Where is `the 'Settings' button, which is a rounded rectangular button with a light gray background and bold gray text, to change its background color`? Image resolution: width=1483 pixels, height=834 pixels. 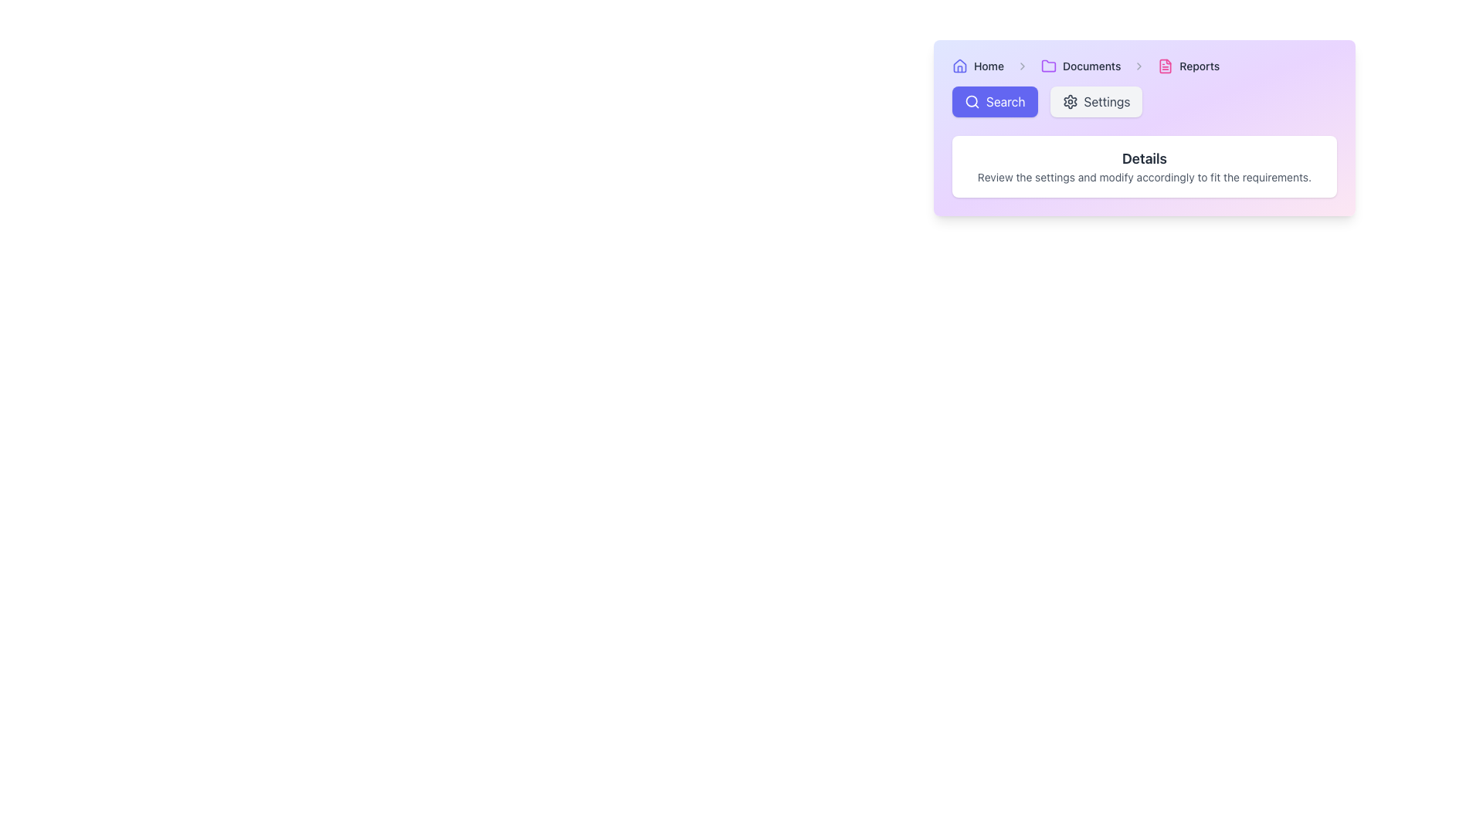
the 'Settings' button, which is a rounded rectangular button with a light gray background and bold gray text, to change its background color is located at coordinates (1095, 101).